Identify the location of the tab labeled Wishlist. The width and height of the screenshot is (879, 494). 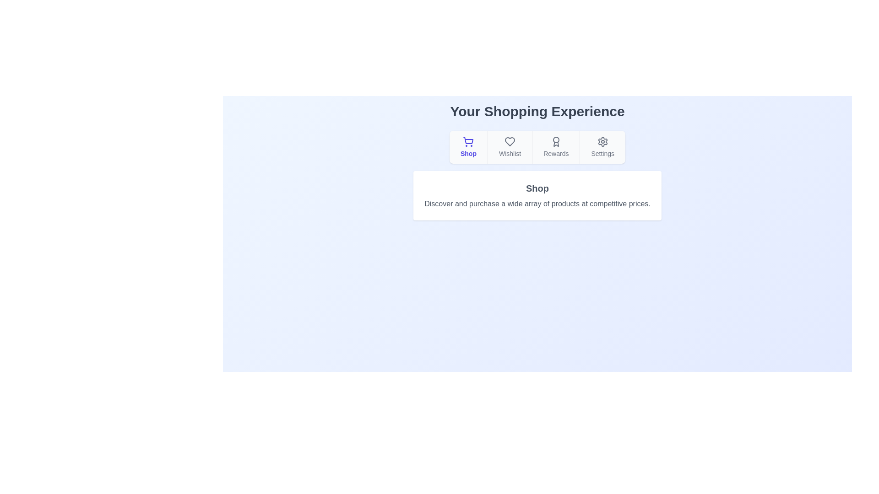
(509, 146).